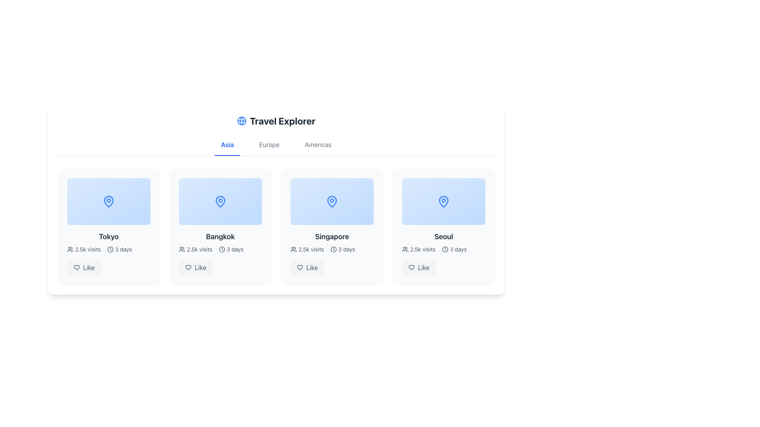  Describe the element at coordinates (293, 249) in the screenshot. I see `the icon that represents group or population statistics adjacent to the text '2.5k visits' in the second item (Singapore) of the grid layout` at that location.